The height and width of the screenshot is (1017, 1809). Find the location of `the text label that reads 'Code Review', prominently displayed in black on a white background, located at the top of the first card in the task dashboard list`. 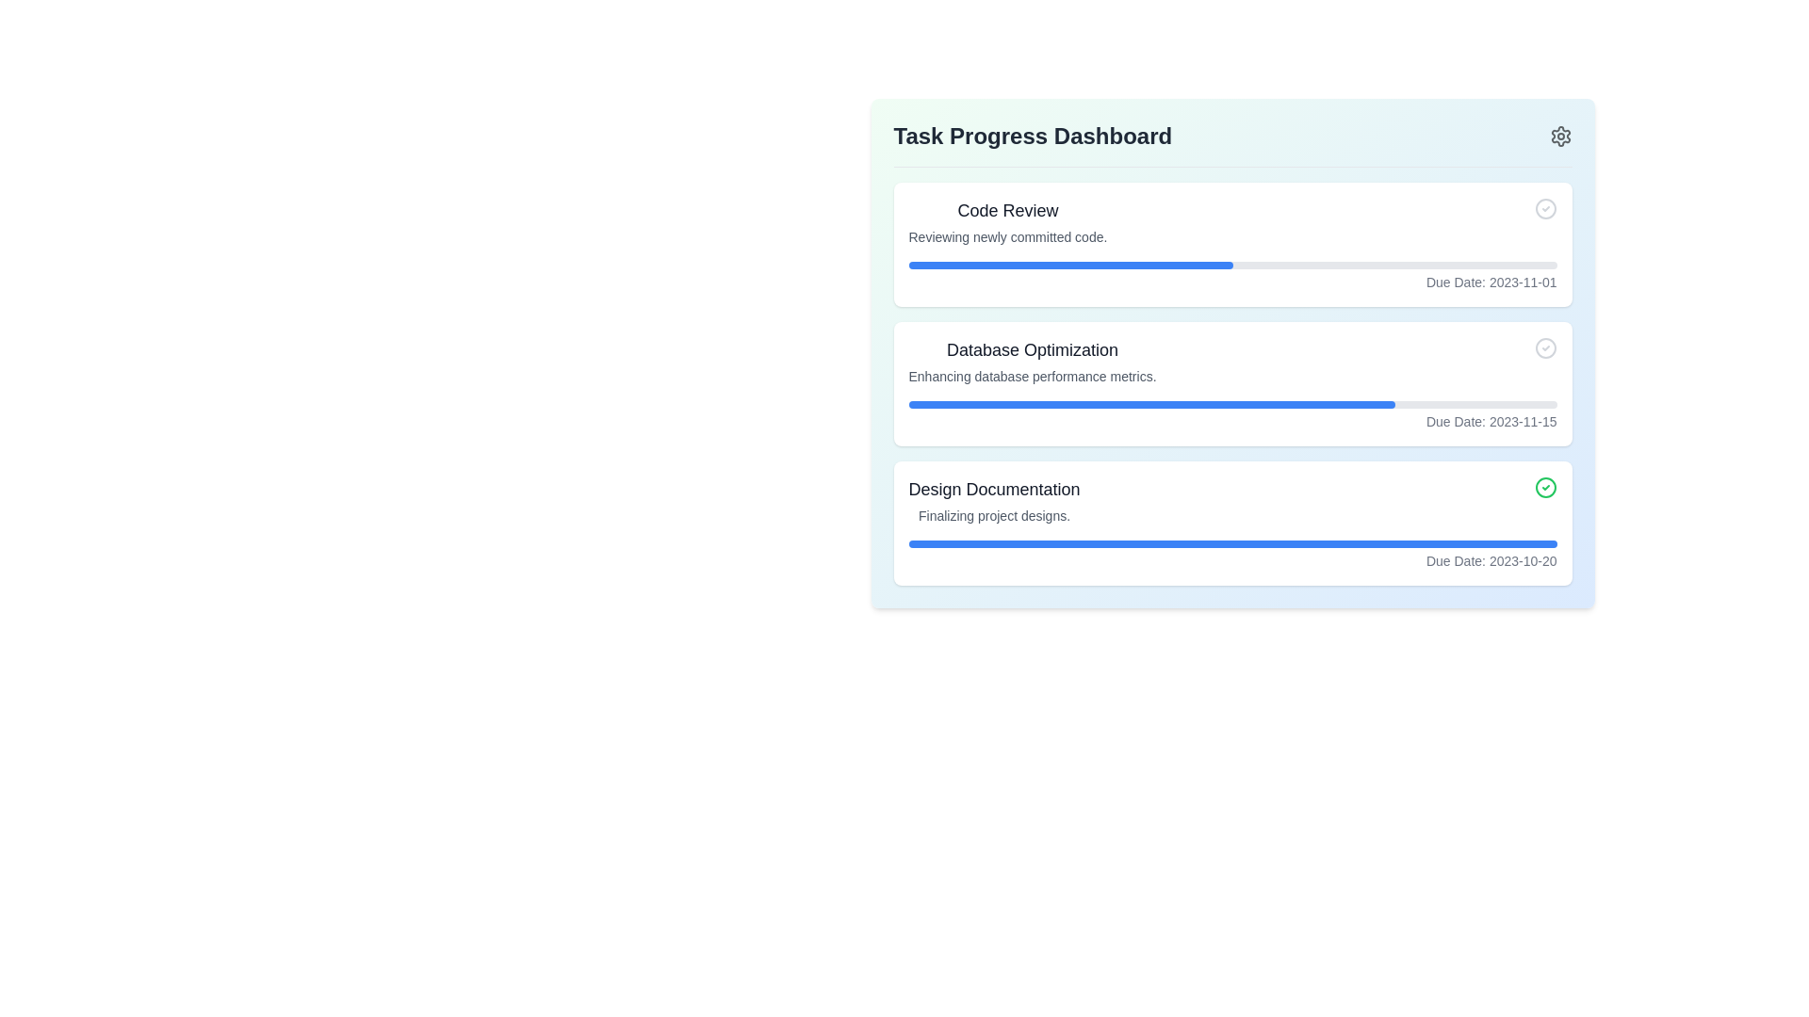

the text label that reads 'Code Review', prominently displayed in black on a white background, located at the top of the first card in the task dashboard list is located at coordinates (1007, 210).